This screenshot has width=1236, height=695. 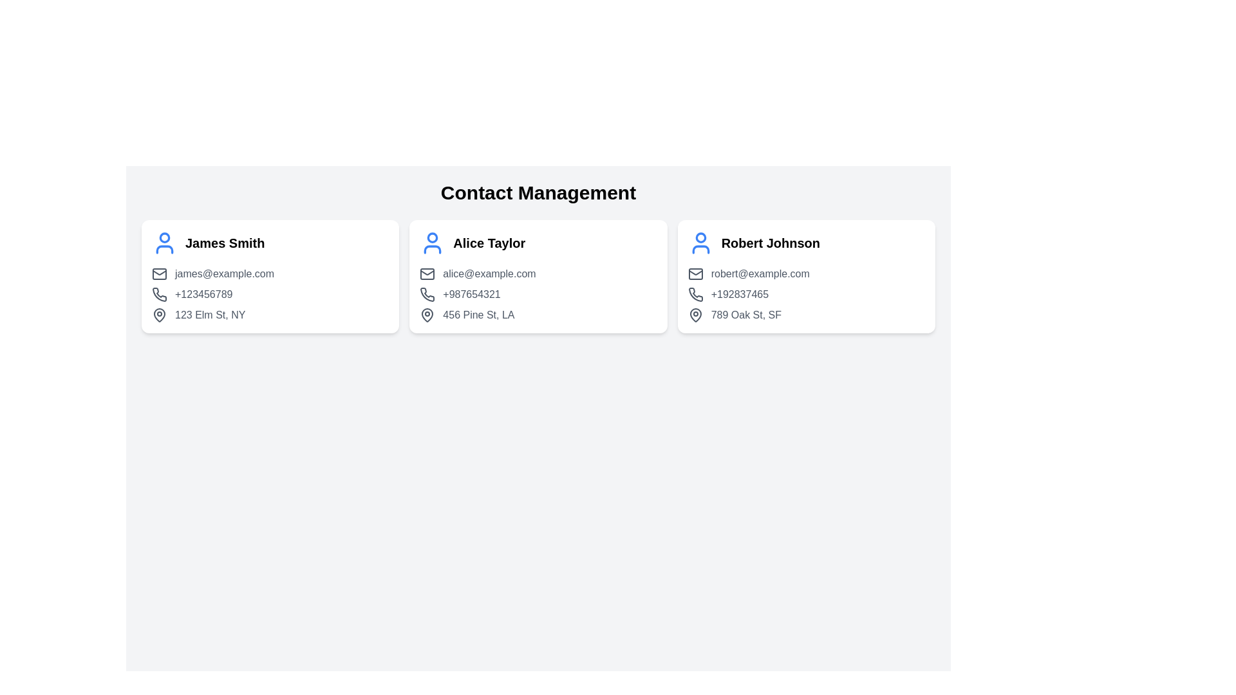 I want to click on the 'Robert Johnson' text label paired with the blue user icon within the contact card in the 'Contact Management' section, so click(x=805, y=243).